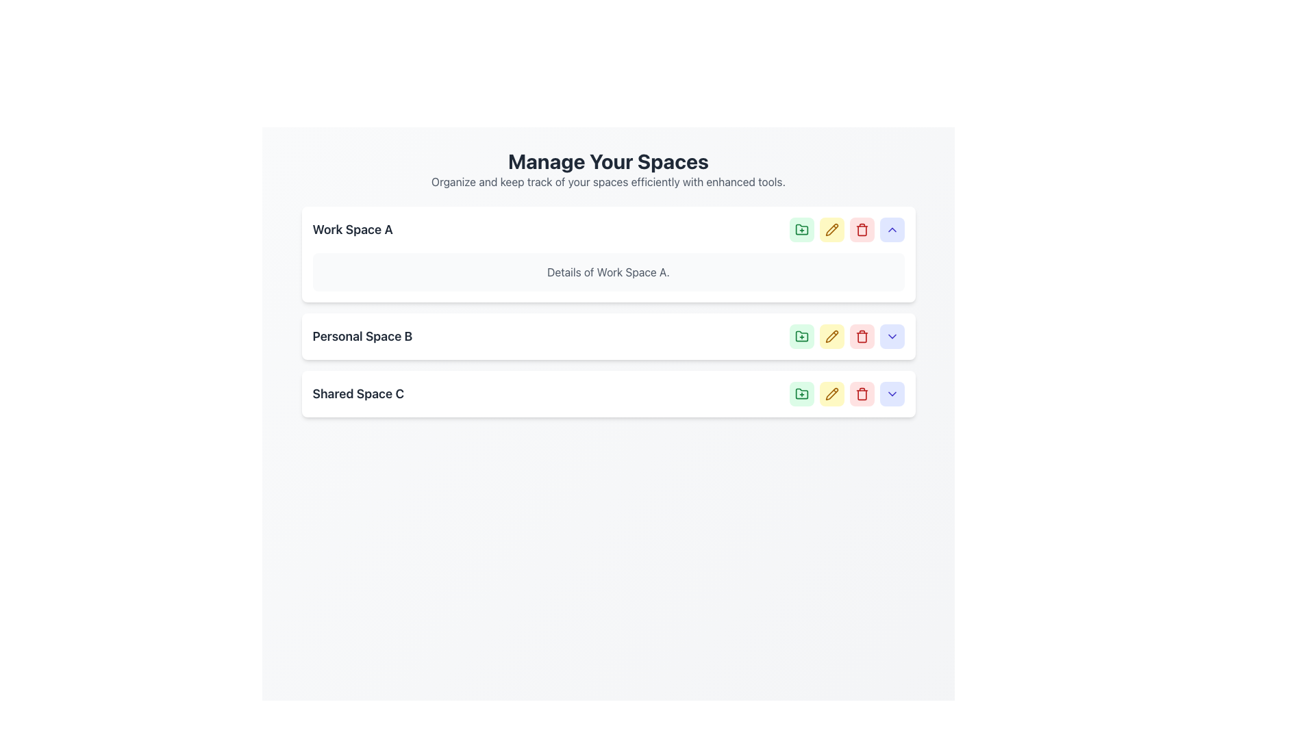 Image resolution: width=1315 pixels, height=739 pixels. I want to click on the fifth button with a rounded rectangular shape and a soft indigo background, located at the far-right side of the 'Shared Space C' entry, so click(892, 393).